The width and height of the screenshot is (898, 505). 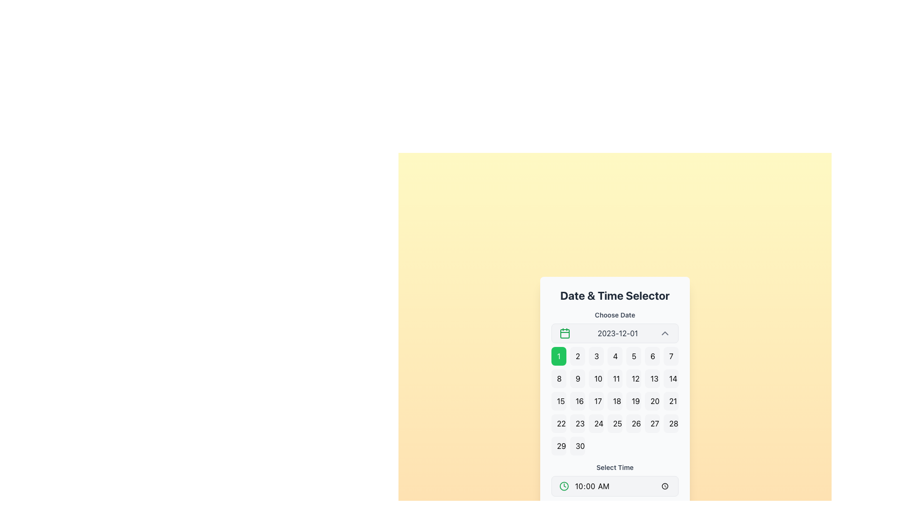 I want to click on the day selector button located in the second row, seventh column of the date picker grid, so click(x=671, y=379).